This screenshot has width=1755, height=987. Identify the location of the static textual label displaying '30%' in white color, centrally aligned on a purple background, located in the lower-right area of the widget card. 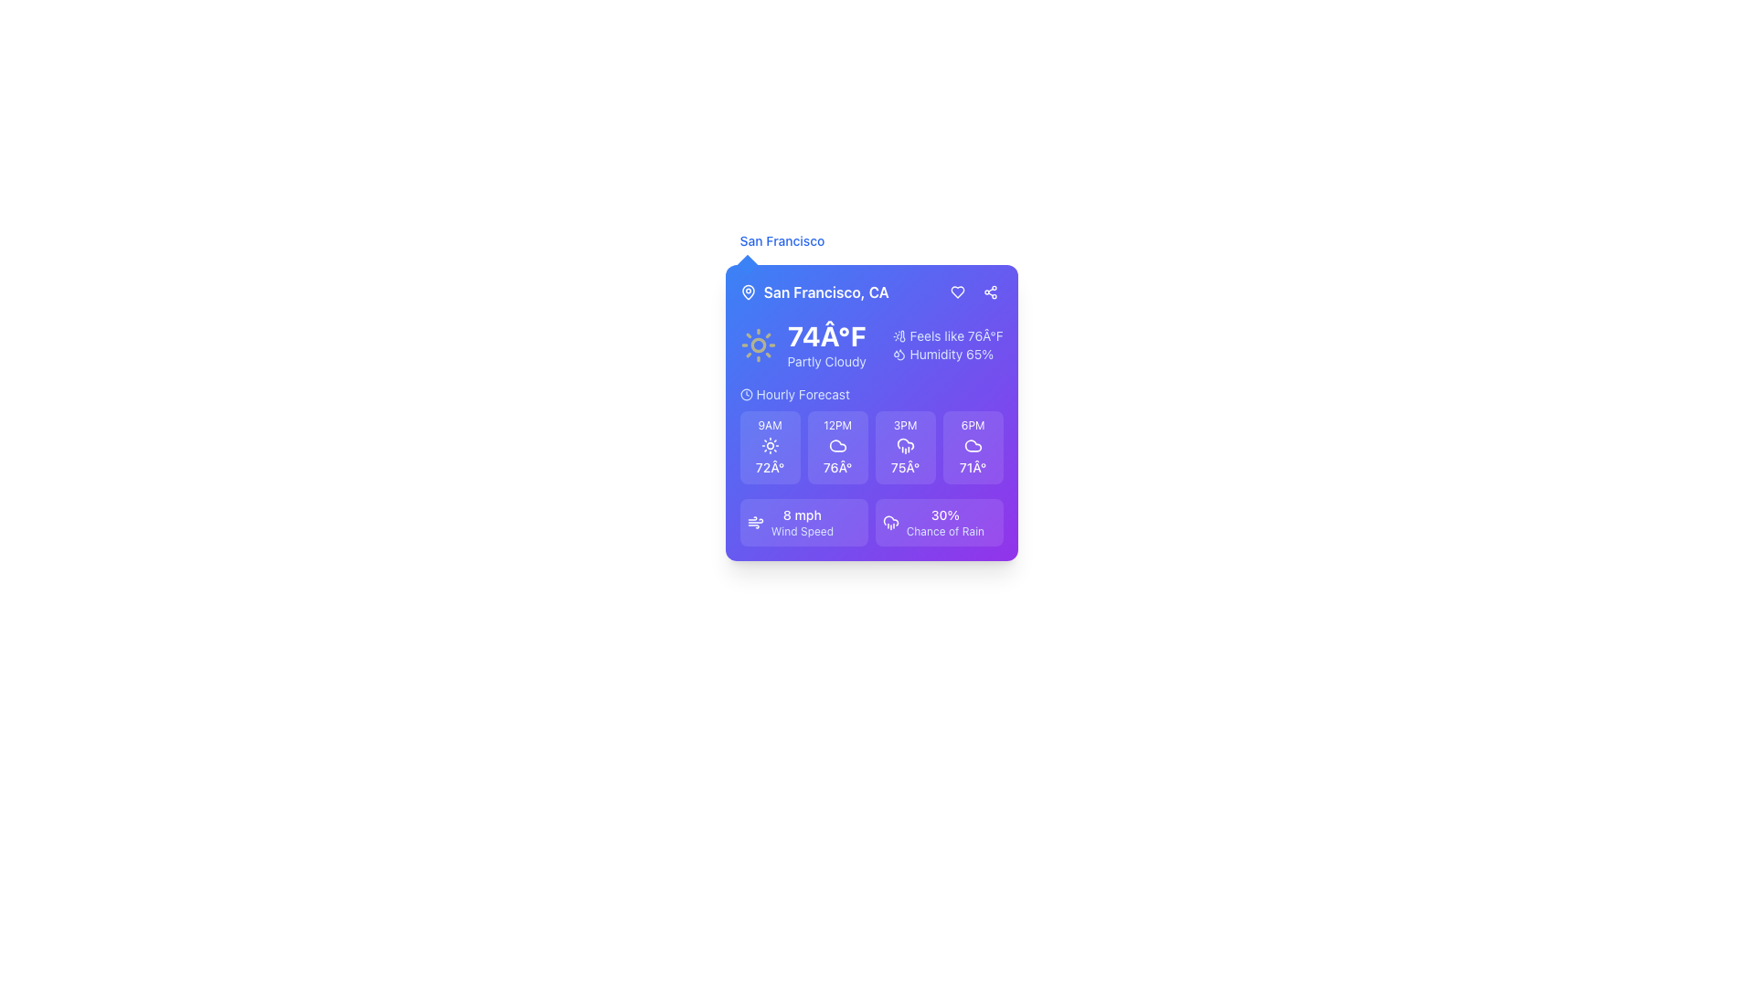
(945, 515).